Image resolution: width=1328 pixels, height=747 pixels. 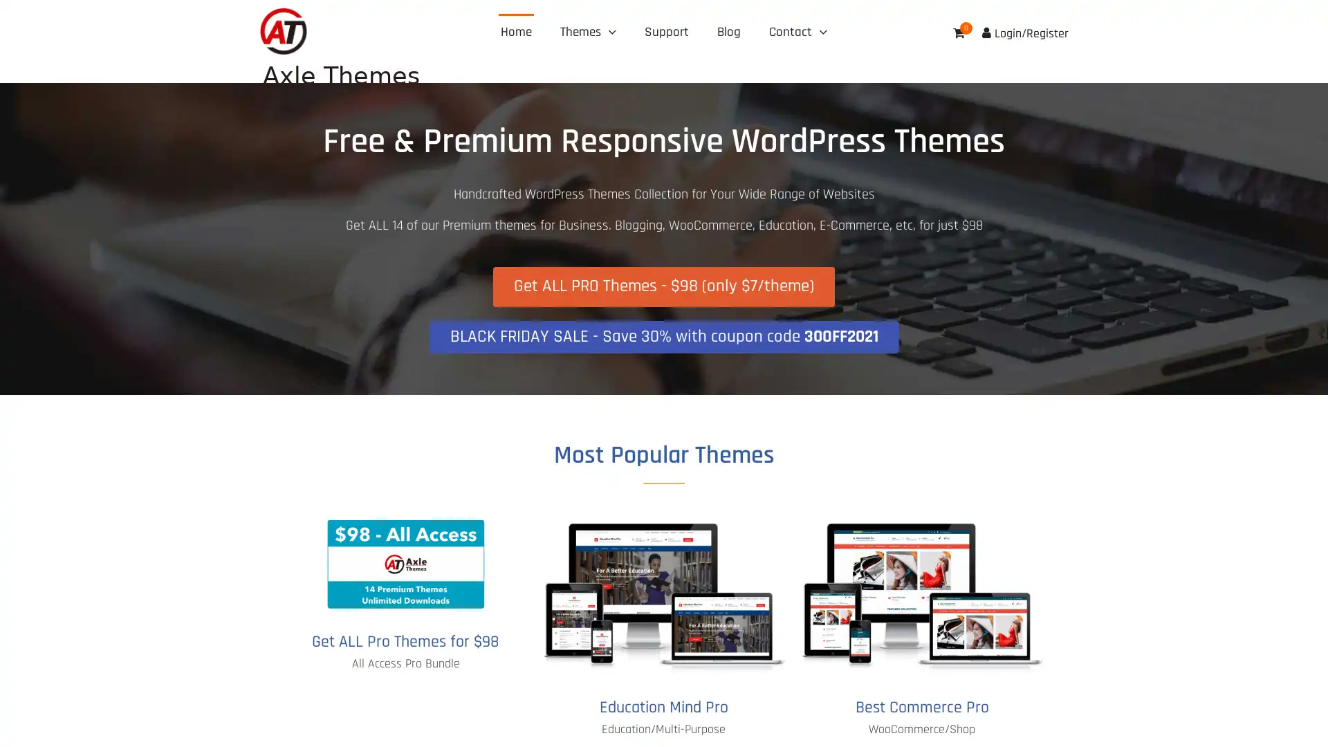 I want to click on BLACK FRIDAY SALE - Save 30% with coupon code 30OFF2021, so click(x=663, y=336).